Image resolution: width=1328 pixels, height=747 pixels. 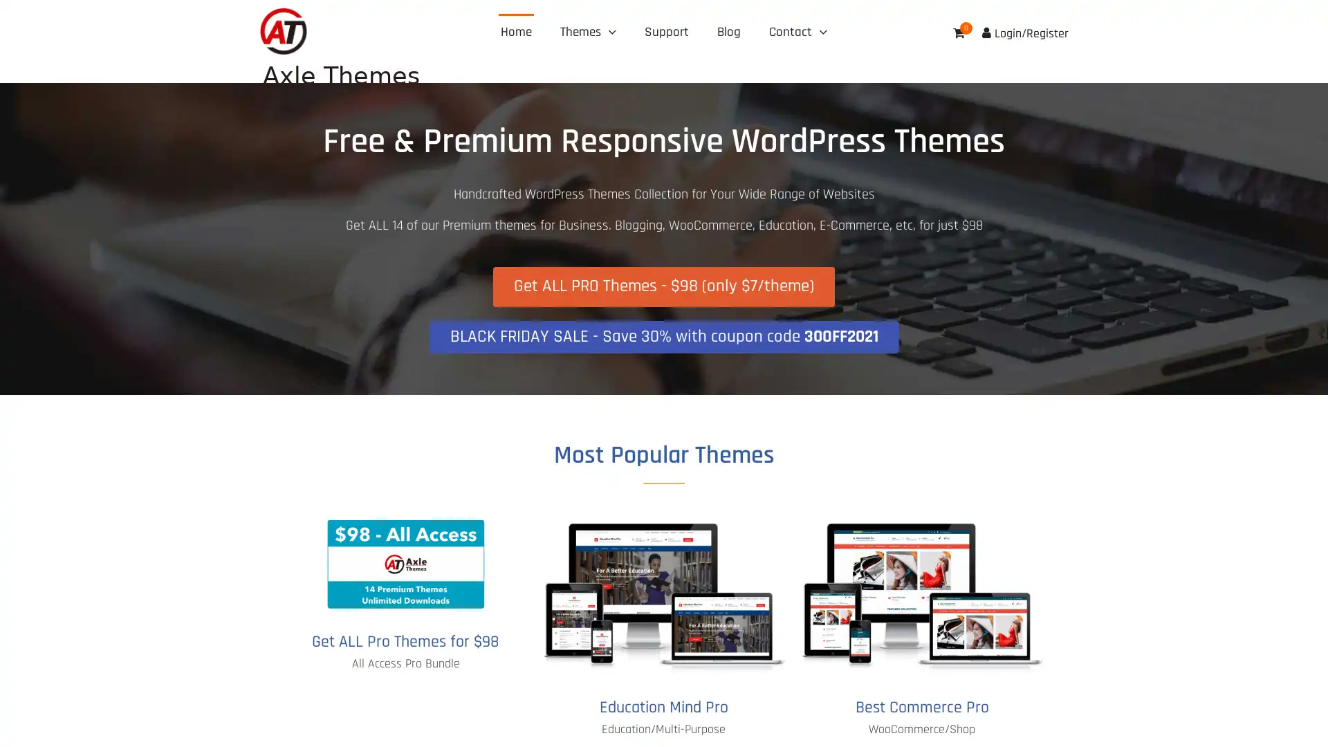 I want to click on BLACK FRIDAY SALE - Save 30% with coupon code 30OFF2021, so click(x=663, y=336).